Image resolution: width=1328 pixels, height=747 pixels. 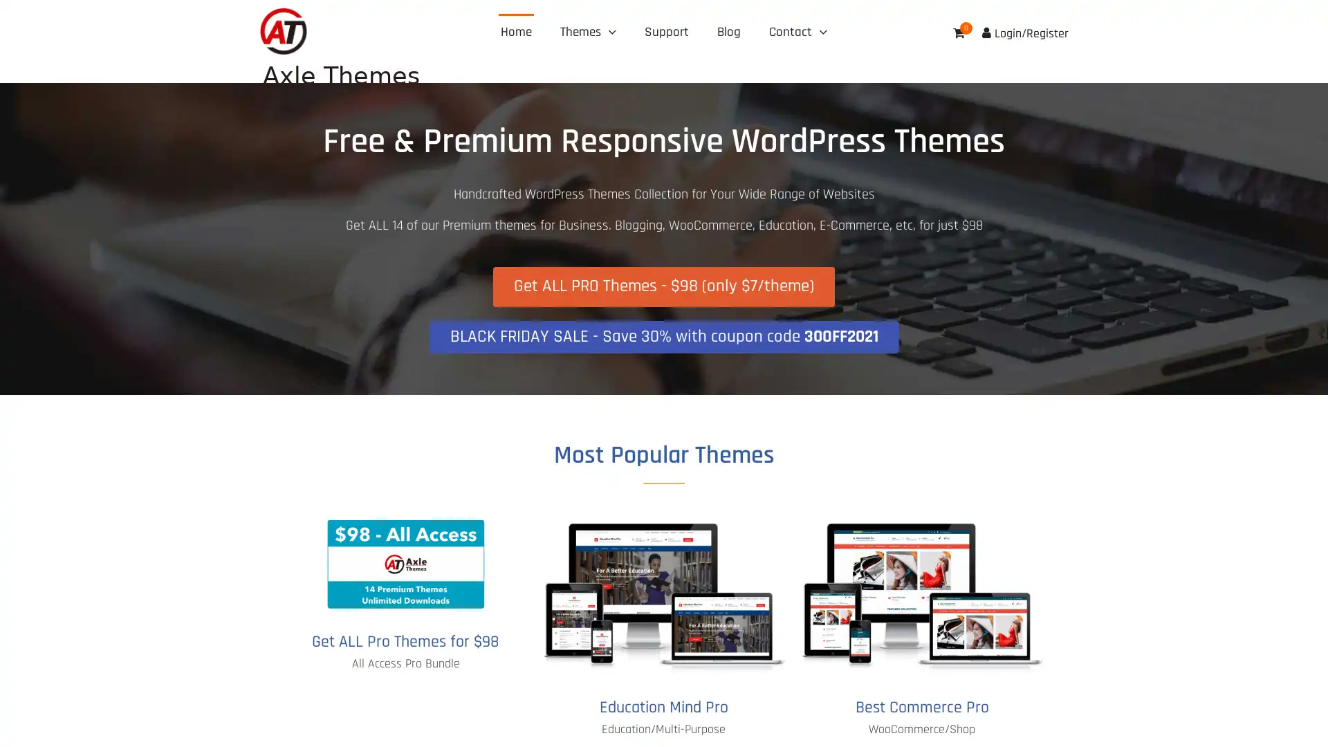 I want to click on BLACK FRIDAY SALE - Save 30% with coupon code 30OFF2021, so click(x=663, y=336).